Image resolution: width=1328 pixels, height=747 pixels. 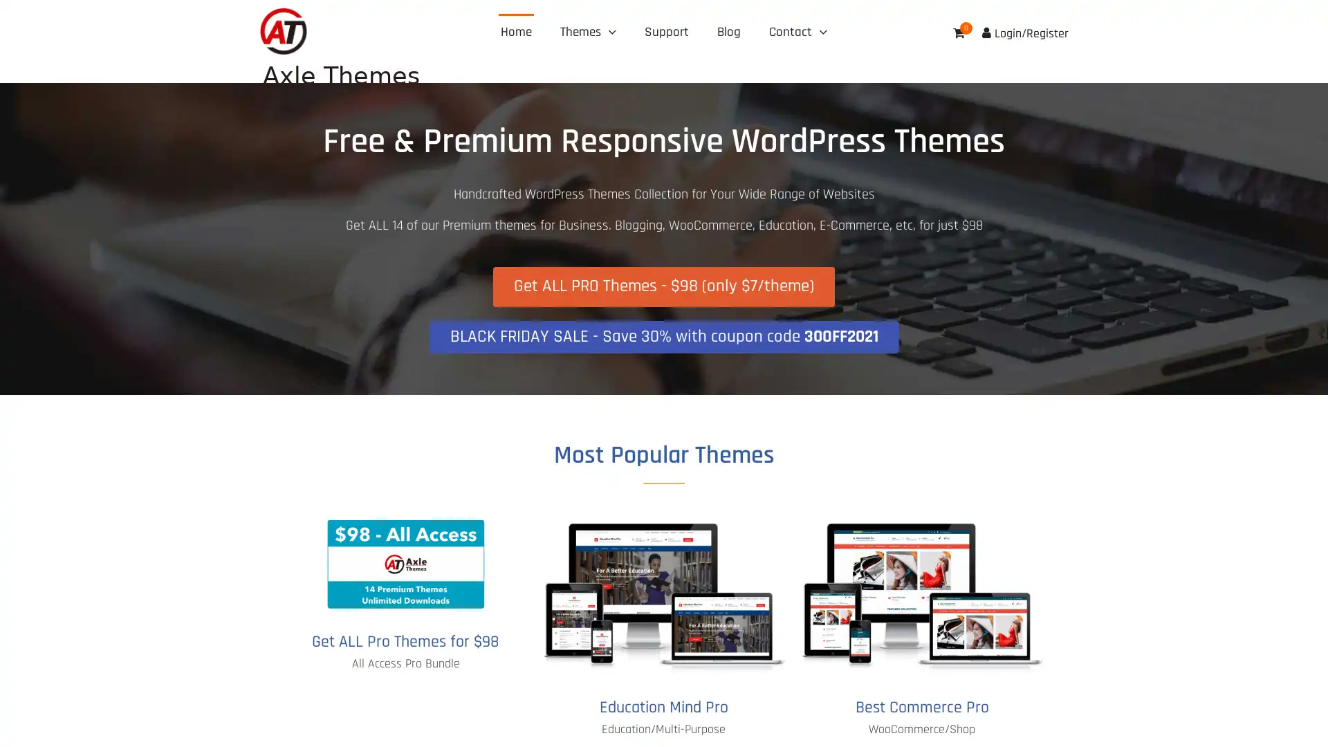 I want to click on BLACK FRIDAY SALE - Save 30% with coupon code 30OFF2021, so click(x=663, y=336).